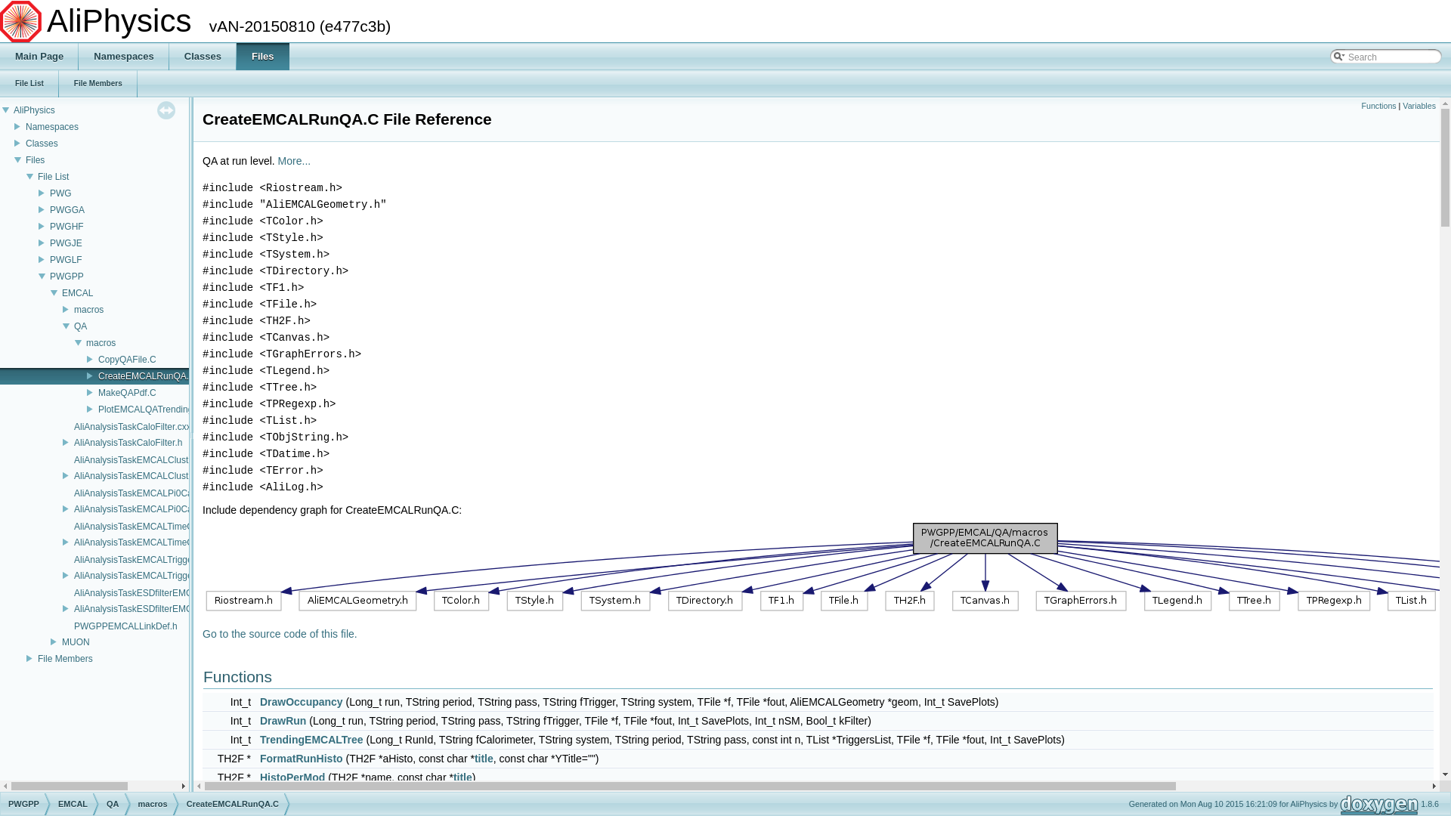 This screenshot has width=1451, height=816. What do you see at coordinates (294, 160) in the screenshot?
I see `'More...'` at bounding box center [294, 160].